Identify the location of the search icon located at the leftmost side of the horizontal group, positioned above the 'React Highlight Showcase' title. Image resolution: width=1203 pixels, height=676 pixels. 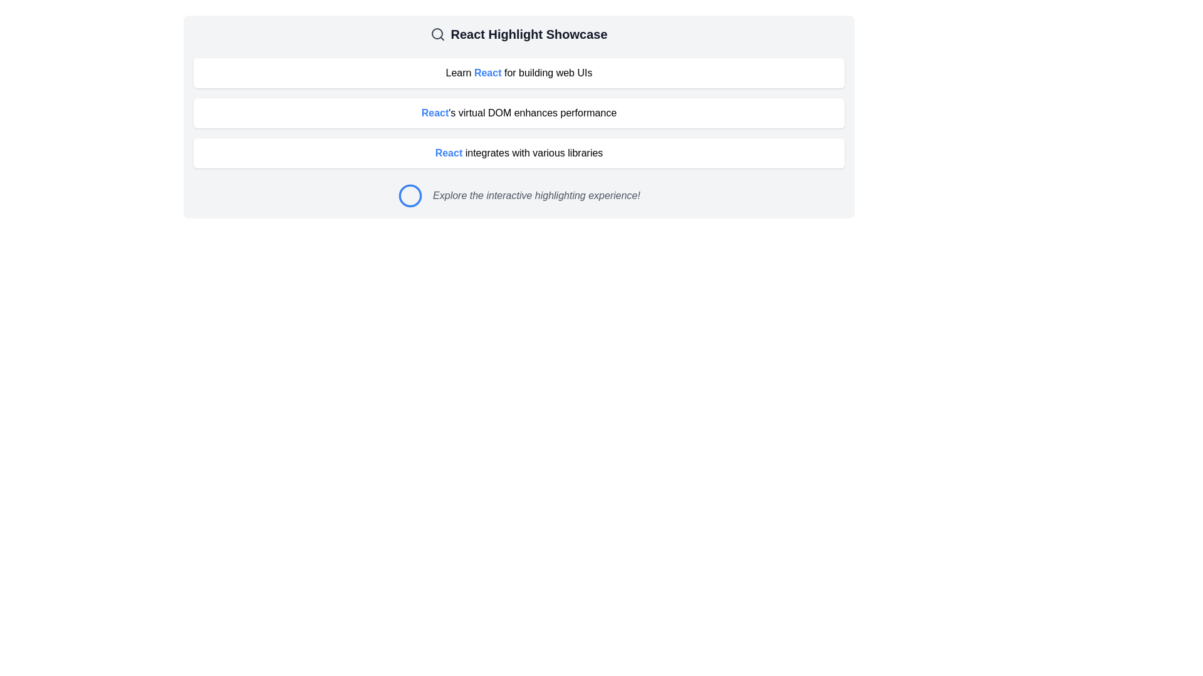
(438, 33).